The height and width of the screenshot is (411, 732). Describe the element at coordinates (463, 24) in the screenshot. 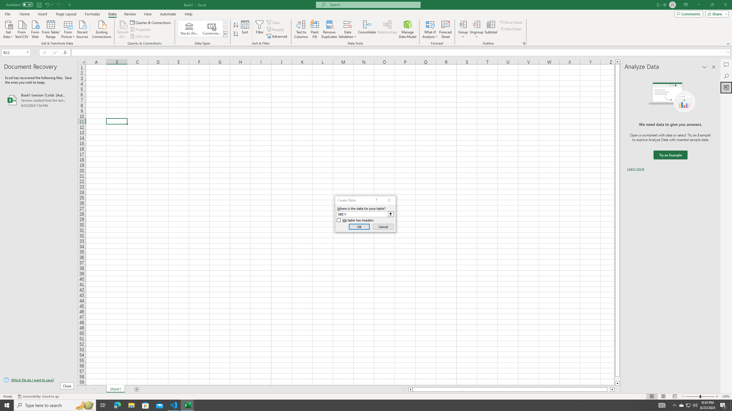

I see `'Group...'` at that location.